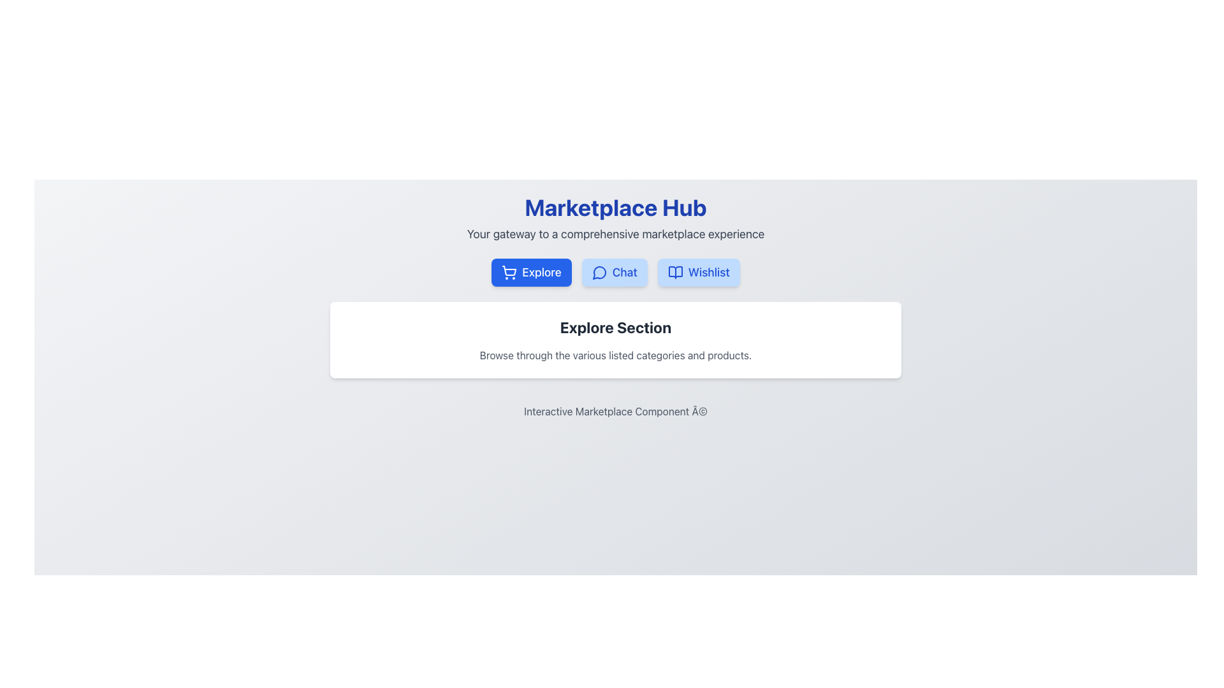  Describe the element at coordinates (615, 411) in the screenshot. I see `the footer text label that serves as a branding or copyright notice, positioned at the bottom-center of the page` at that location.